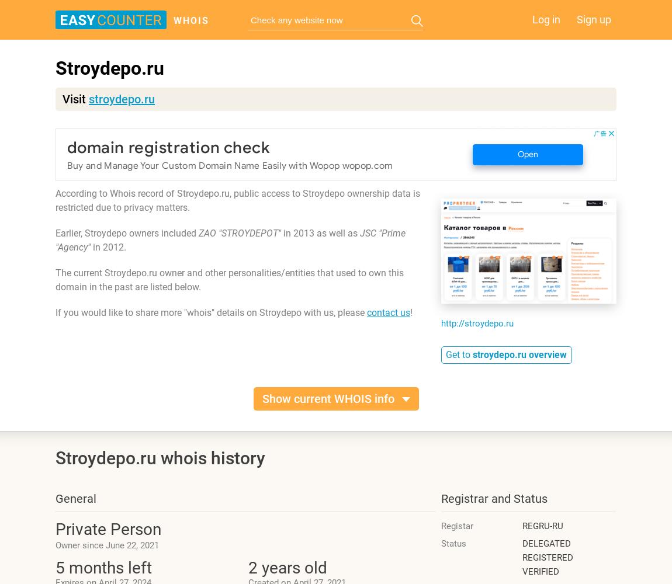 This screenshot has height=584, width=672. What do you see at coordinates (108, 529) in the screenshot?
I see `'Private Person'` at bounding box center [108, 529].